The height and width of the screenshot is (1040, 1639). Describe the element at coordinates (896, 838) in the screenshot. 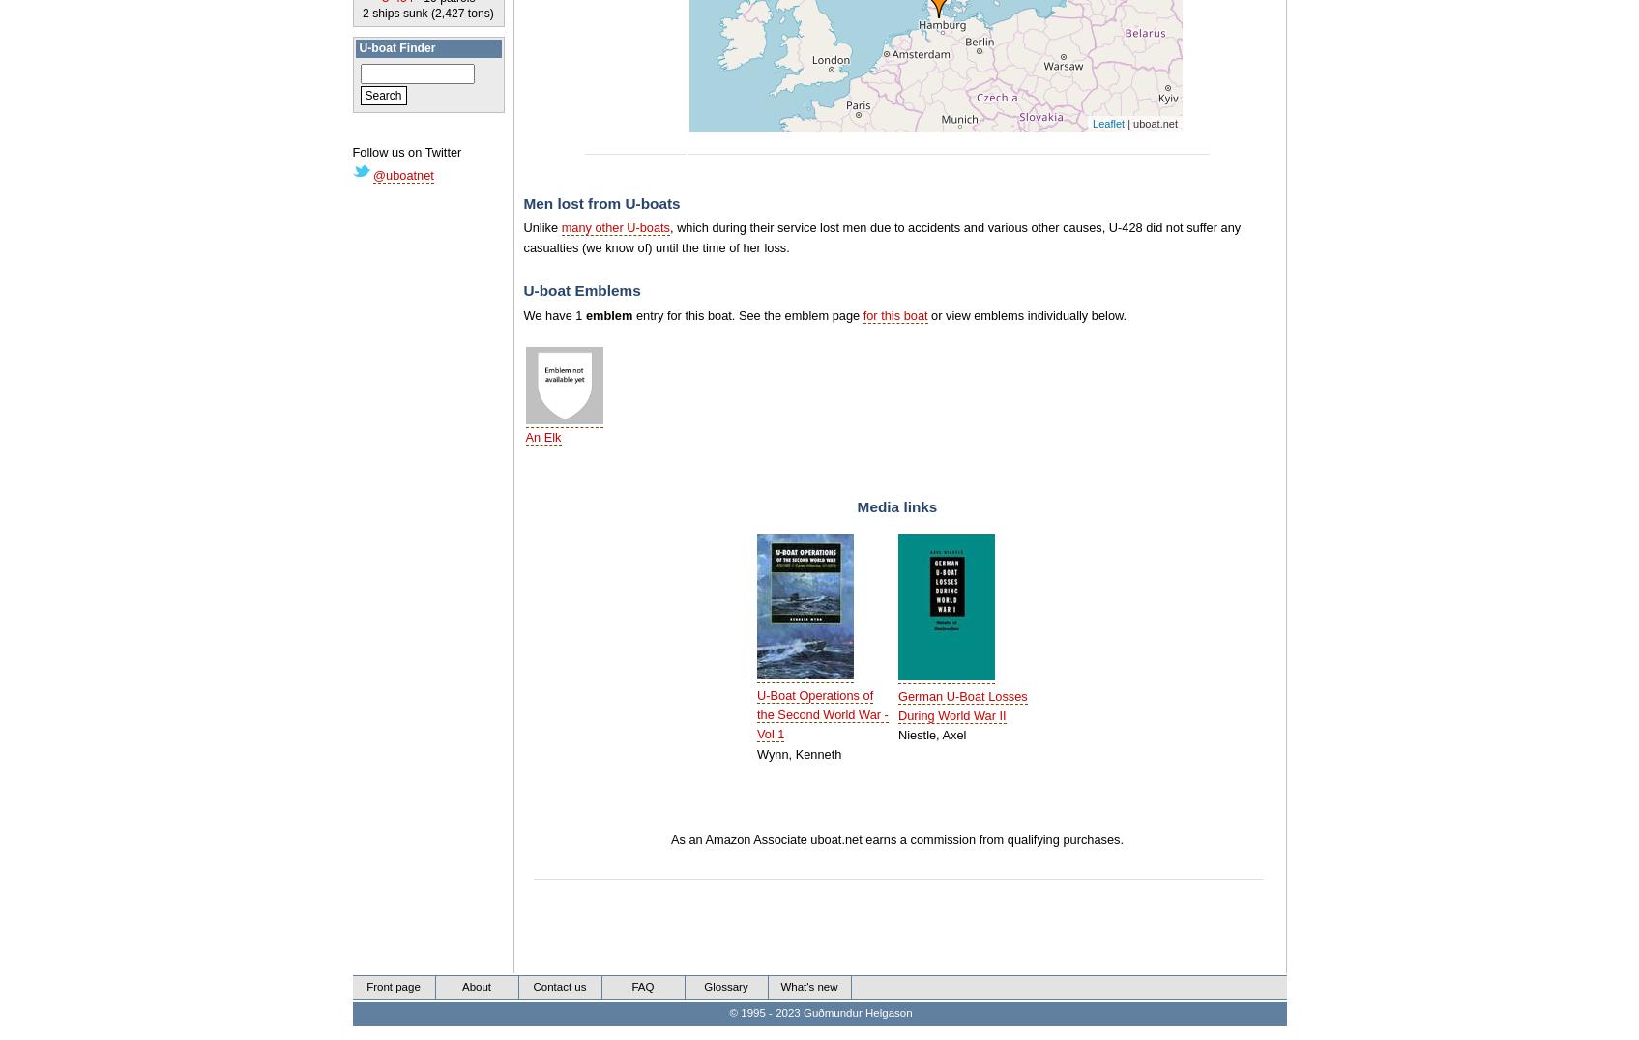

I see `'As an Amazon Associate uboat.net earns a commission from qualifying purchases.'` at that location.